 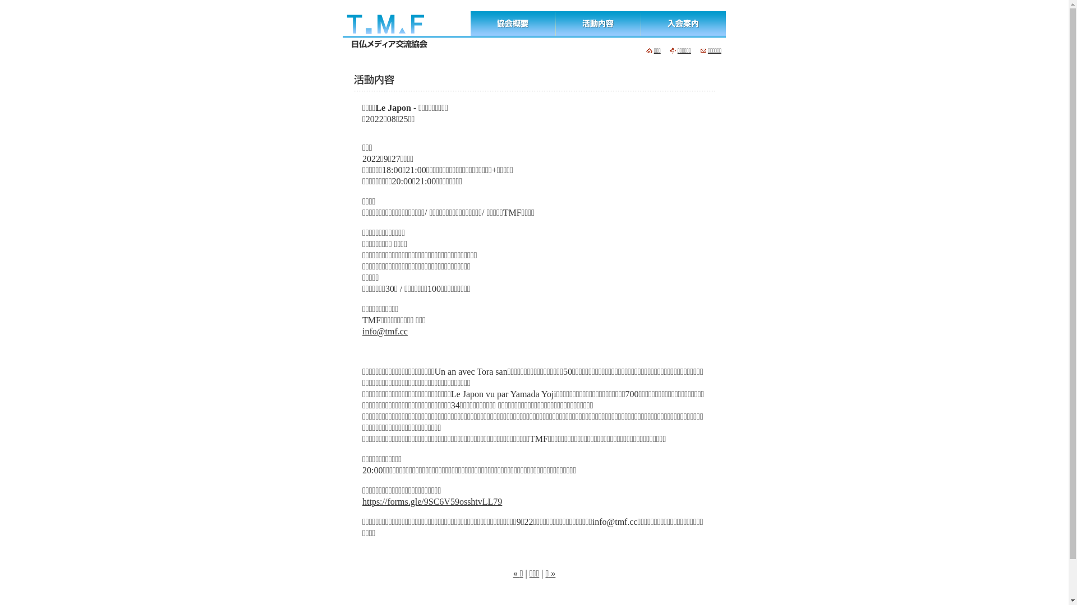 What do you see at coordinates (431, 501) in the screenshot?
I see `'https://forms.gle/9SC6V59osshtvLL79'` at bounding box center [431, 501].